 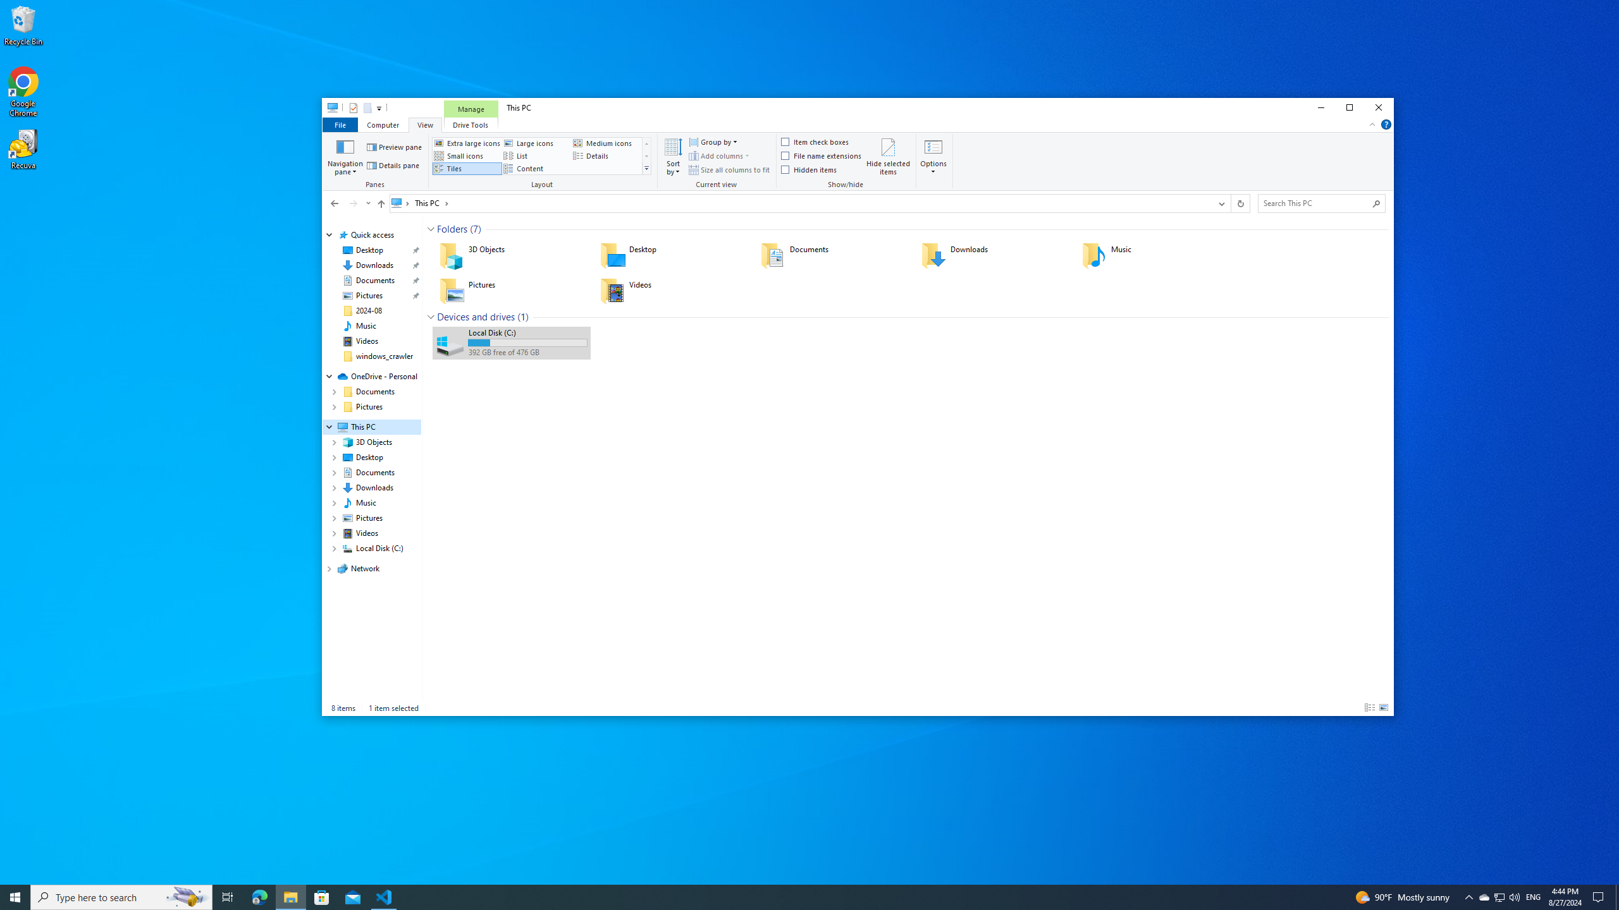 What do you see at coordinates (510, 342) in the screenshot?
I see `'Local Disk (C:)'` at bounding box center [510, 342].